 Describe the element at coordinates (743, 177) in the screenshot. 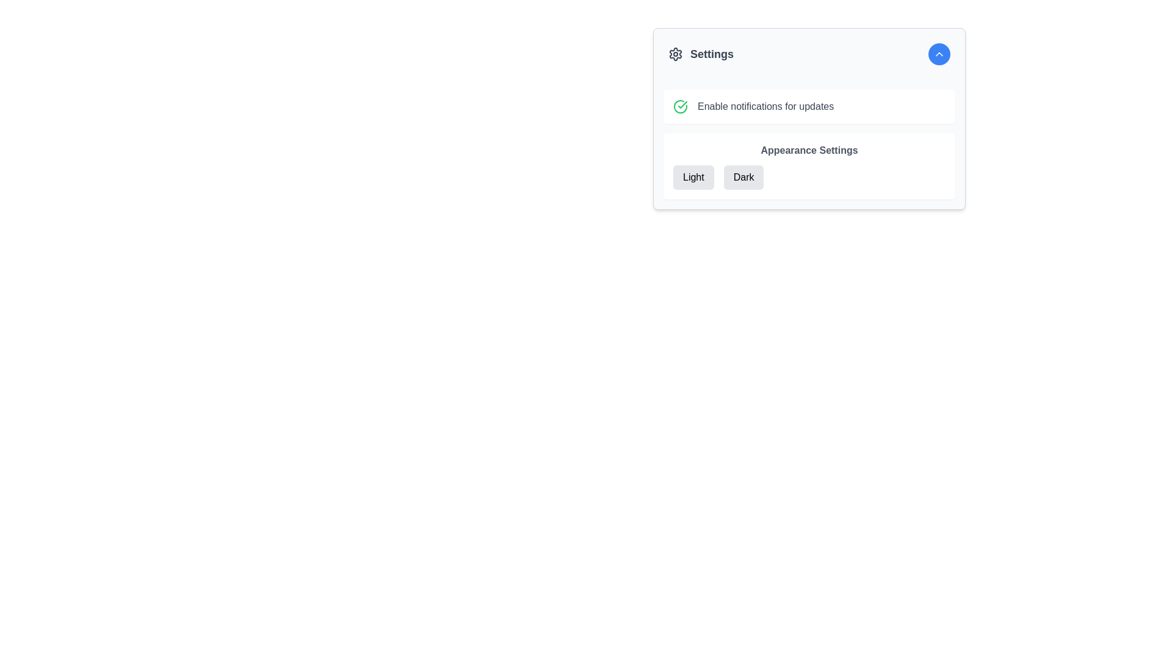

I see `the 'Dark' button within the settings panel` at that location.